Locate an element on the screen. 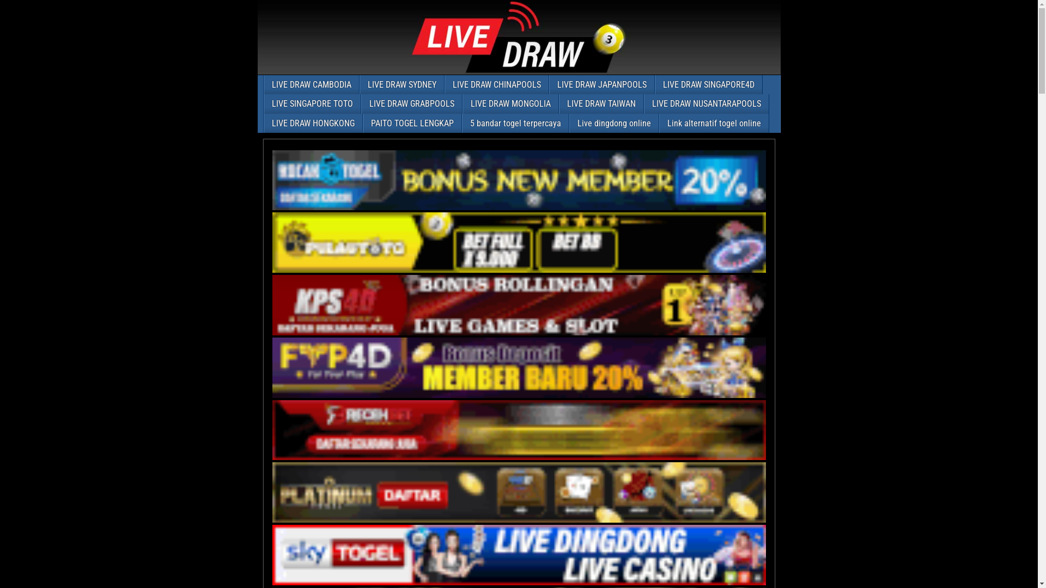 The width and height of the screenshot is (1046, 588). 'LIVE DRAW SINGAPORE4D' is located at coordinates (708, 84).